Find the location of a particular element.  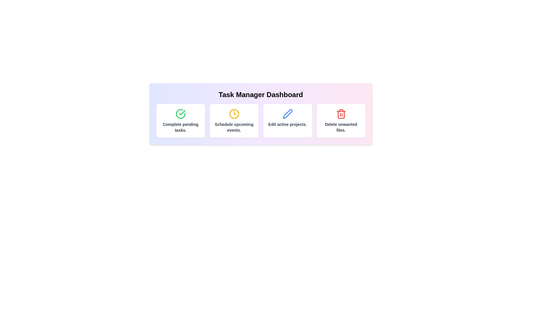

the green circular checkmark icon that symbolizes a completed task, located at the top of the card labeled 'Complete pending tasks' is located at coordinates (180, 114).